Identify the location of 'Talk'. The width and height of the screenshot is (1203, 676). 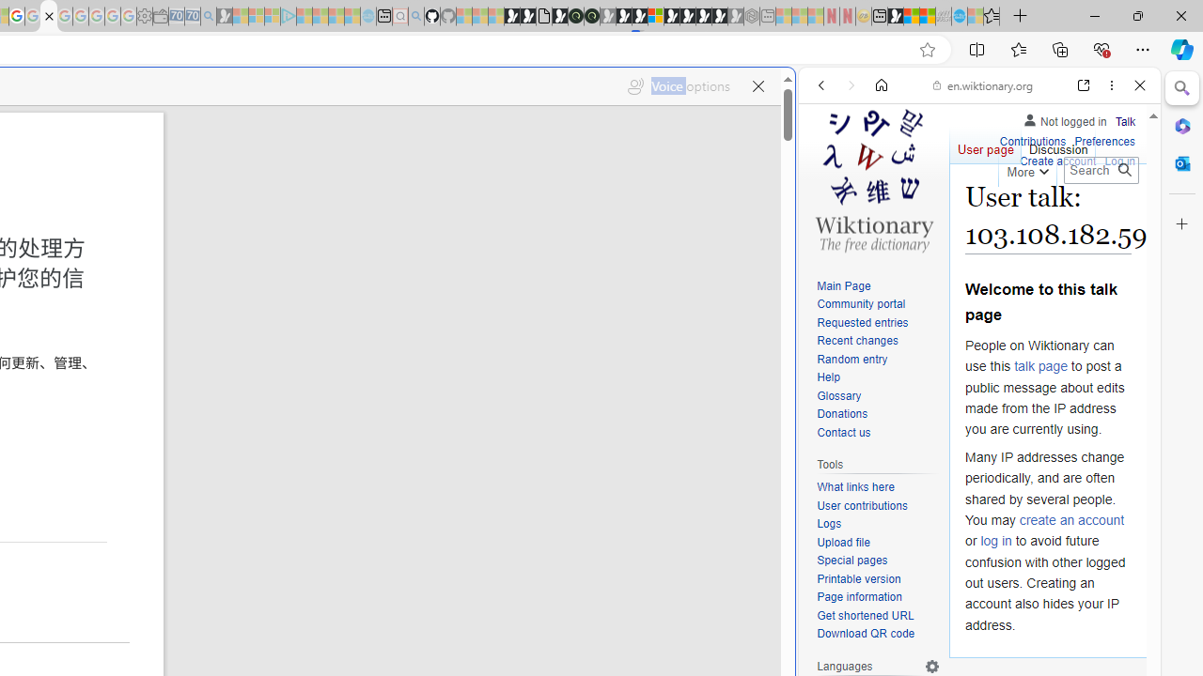
(1125, 121).